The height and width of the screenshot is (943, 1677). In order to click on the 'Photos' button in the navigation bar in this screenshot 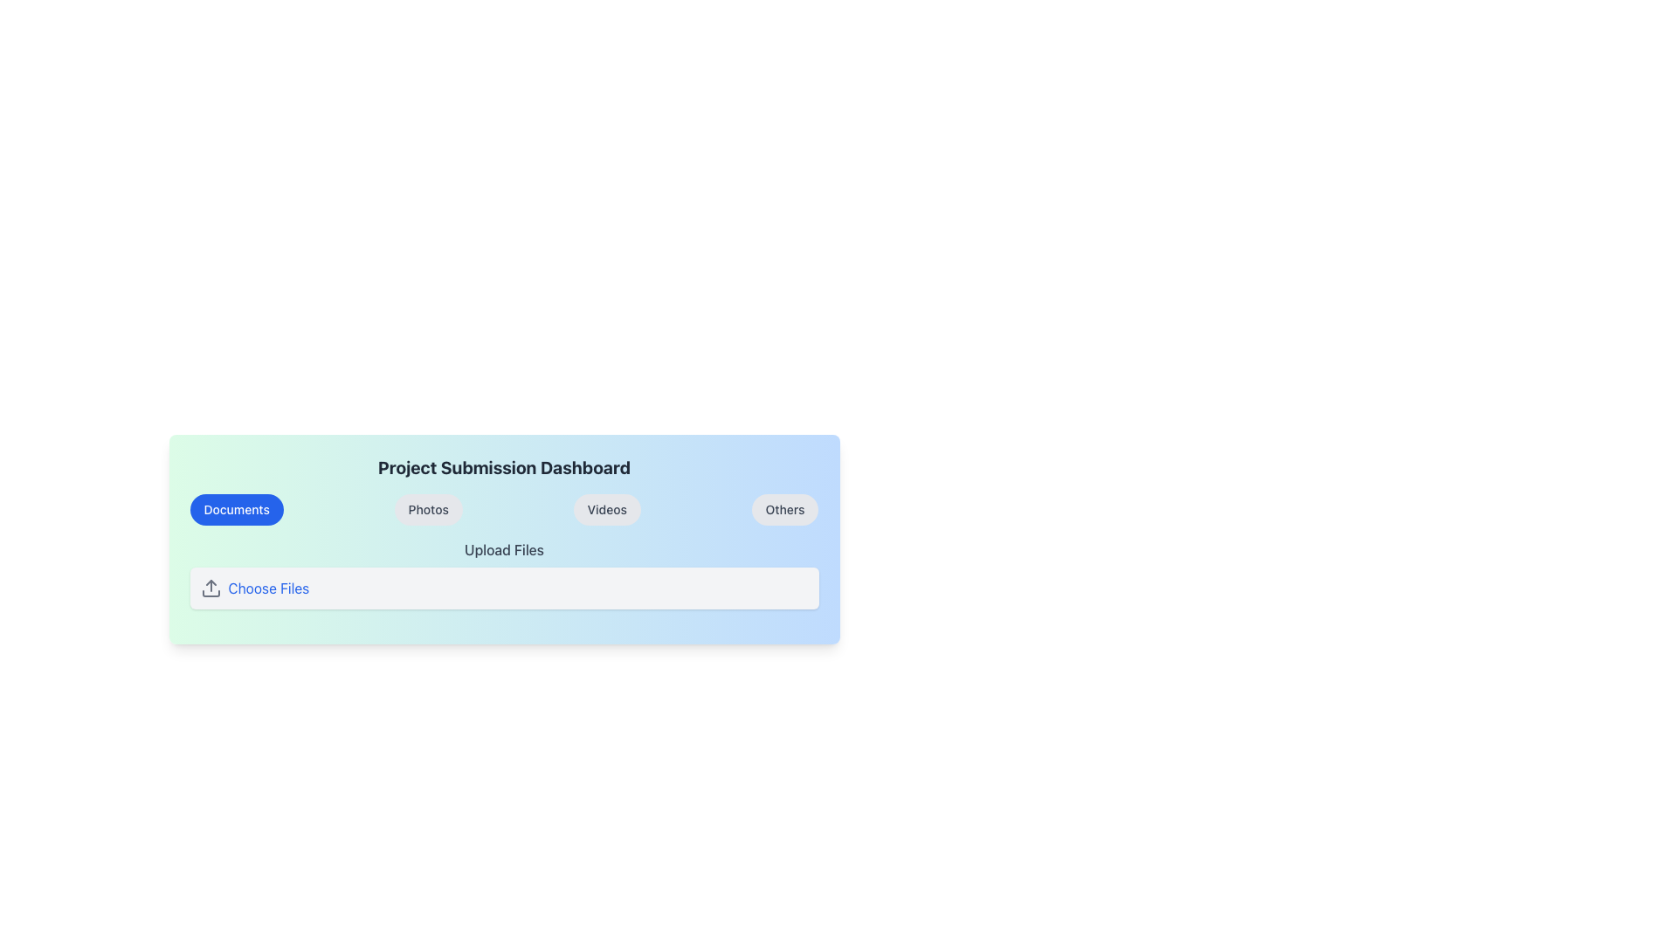, I will do `click(503, 509)`.